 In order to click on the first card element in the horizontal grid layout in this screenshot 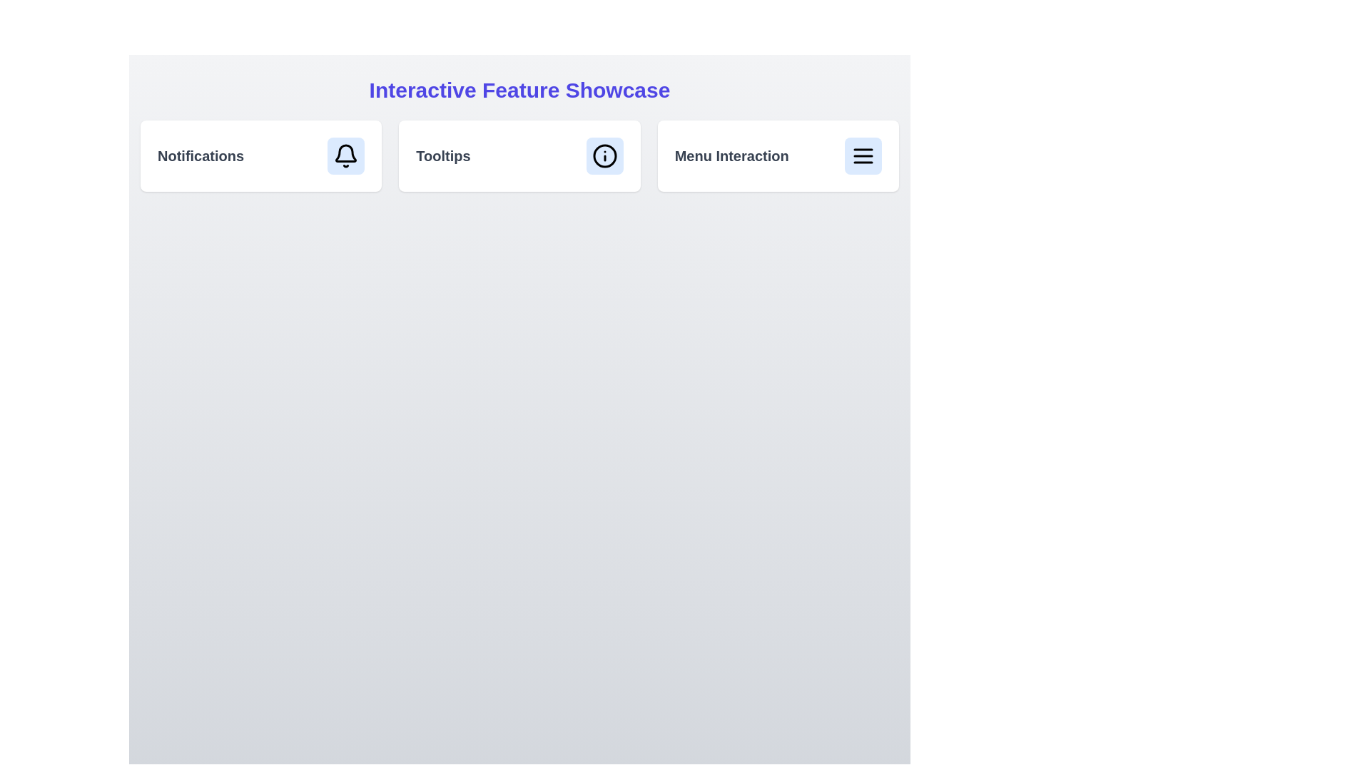, I will do `click(261, 156)`.